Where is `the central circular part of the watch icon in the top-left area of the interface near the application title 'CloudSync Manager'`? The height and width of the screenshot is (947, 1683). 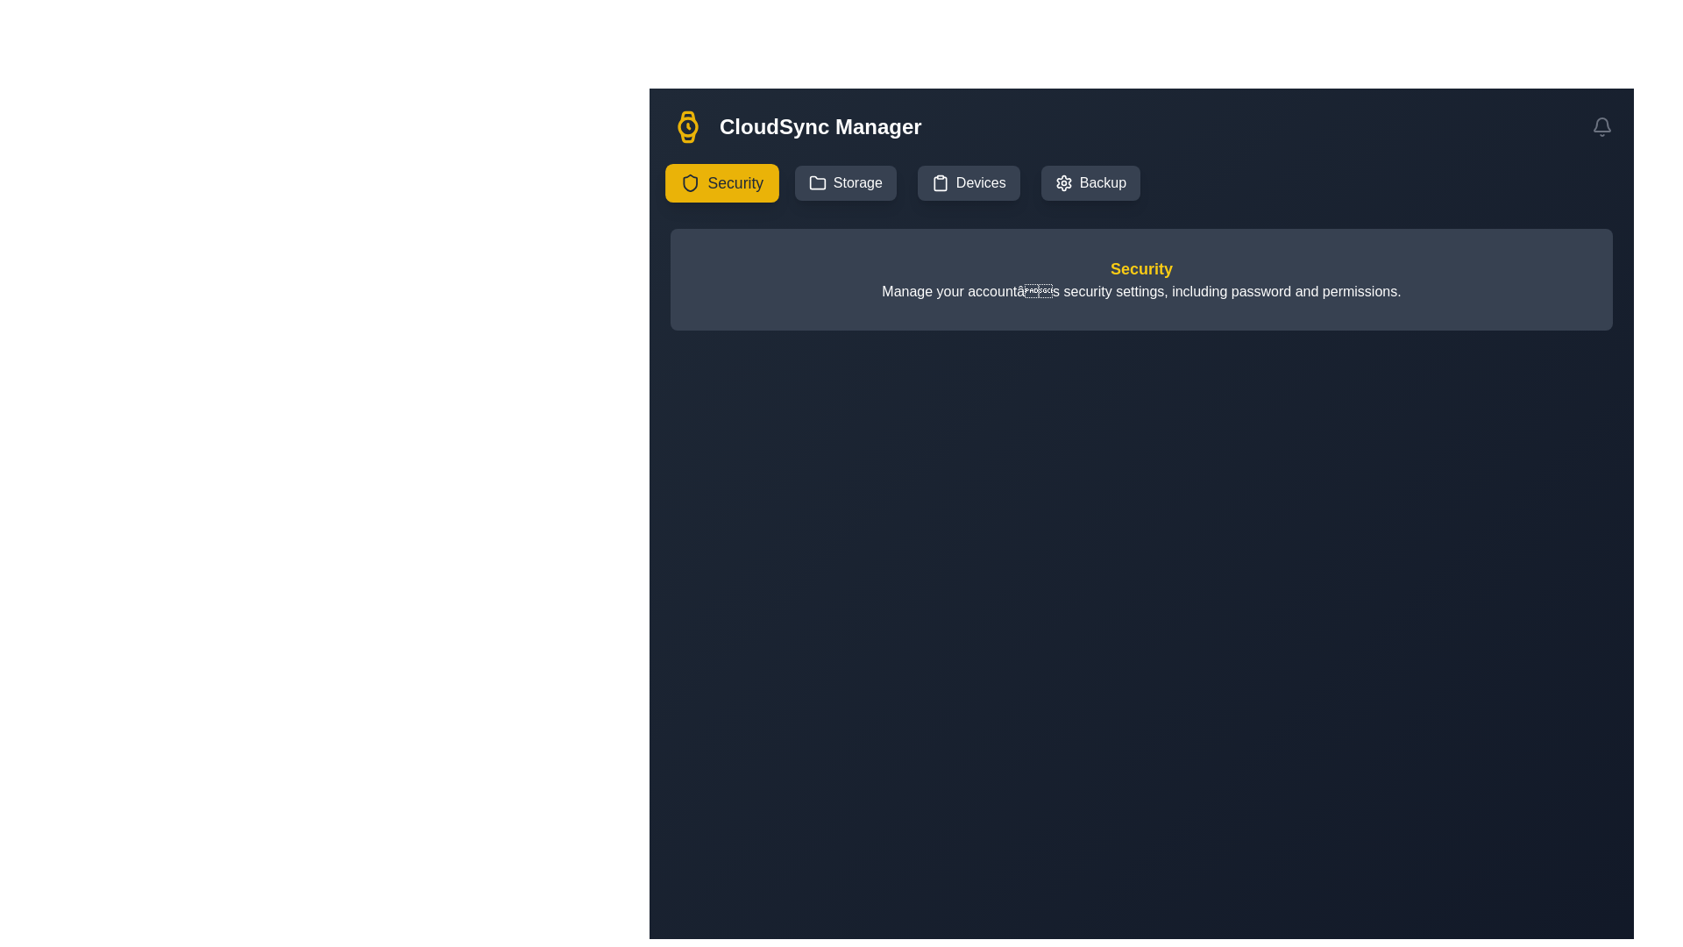 the central circular part of the watch icon in the top-left area of the interface near the application title 'CloudSync Manager' is located at coordinates (687, 126).